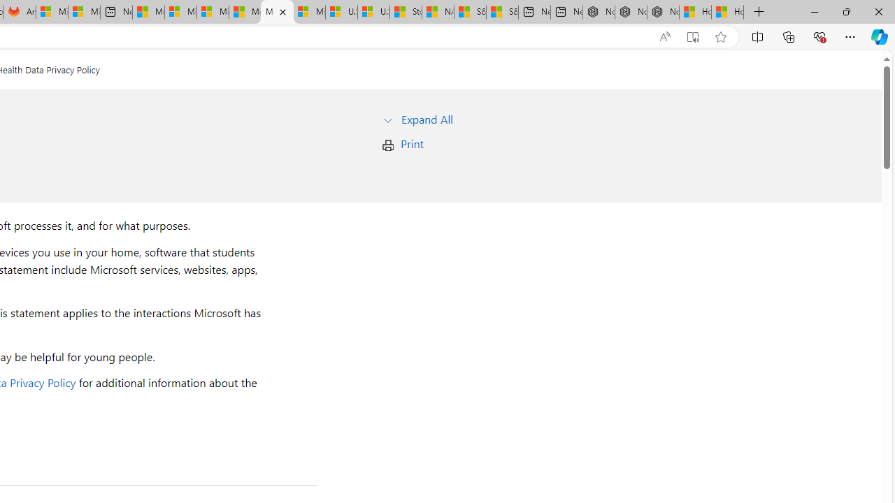  Describe the element at coordinates (212, 12) in the screenshot. I see `'Microsoft account | Home'` at that location.